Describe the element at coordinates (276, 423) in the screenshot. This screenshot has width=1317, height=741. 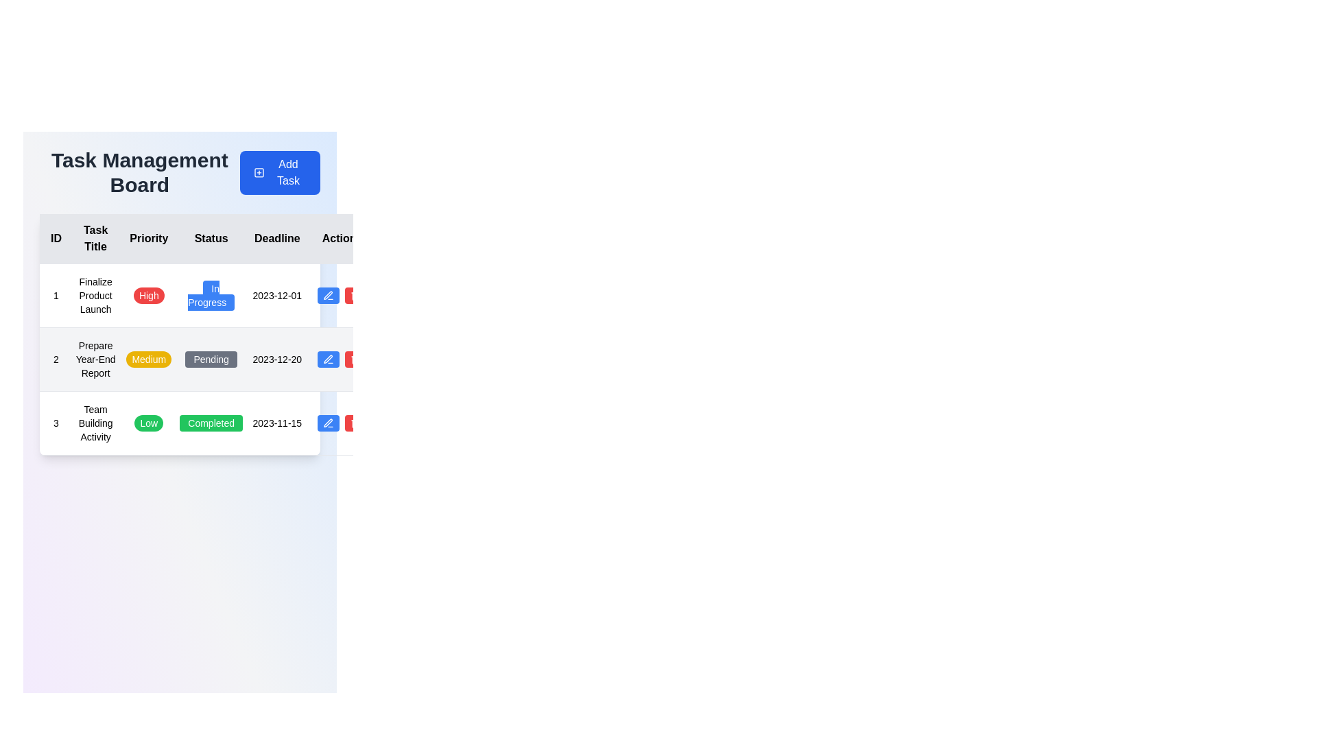
I see `the text label displaying '2023-11-15' in the third row under the 'Deadline' column of the task 'Team Building Activity'` at that location.